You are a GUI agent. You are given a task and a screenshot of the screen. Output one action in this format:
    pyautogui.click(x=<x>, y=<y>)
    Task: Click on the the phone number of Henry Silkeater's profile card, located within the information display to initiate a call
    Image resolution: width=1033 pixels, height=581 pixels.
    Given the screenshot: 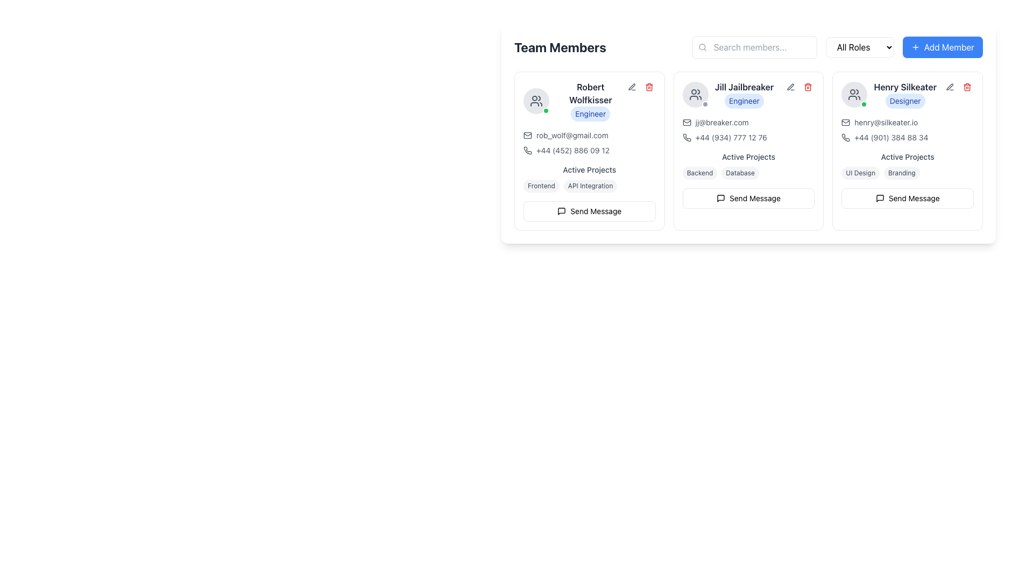 What is the action you would take?
    pyautogui.click(x=907, y=130)
    